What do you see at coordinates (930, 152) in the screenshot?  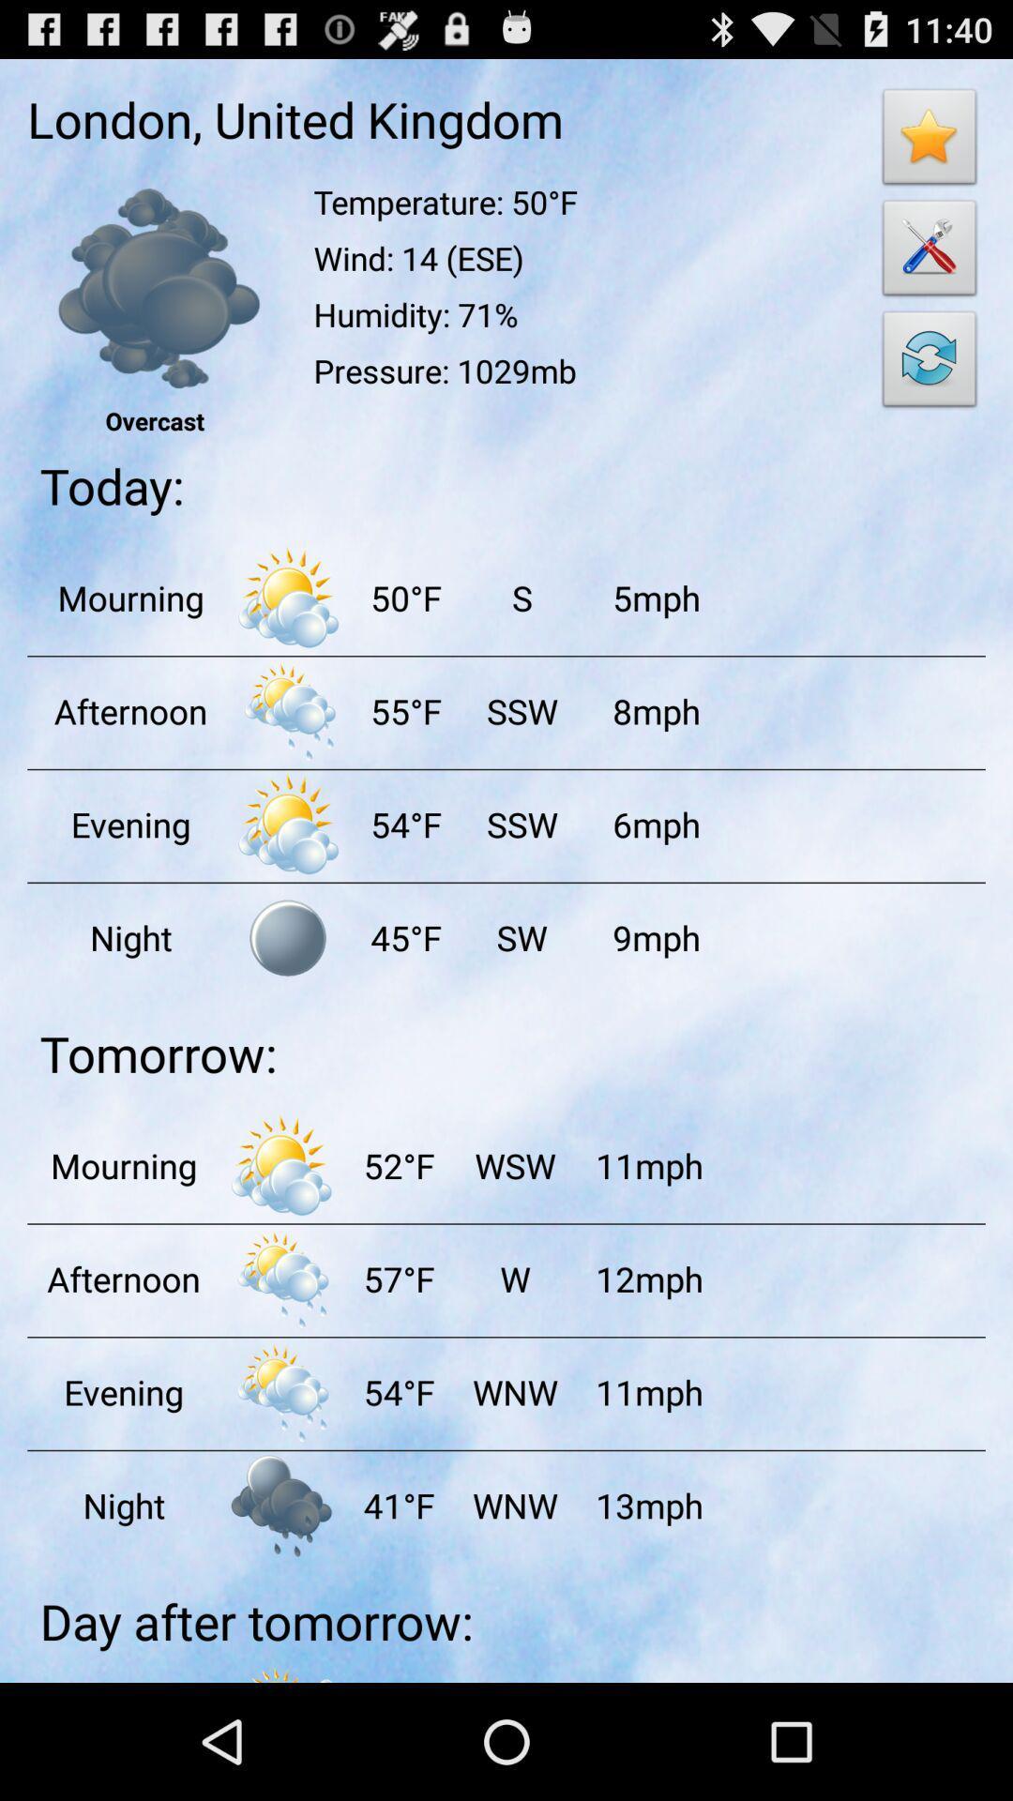 I see `the star icon` at bounding box center [930, 152].